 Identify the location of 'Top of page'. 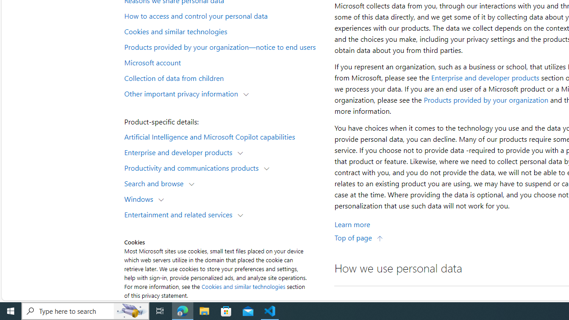
(359, 237).